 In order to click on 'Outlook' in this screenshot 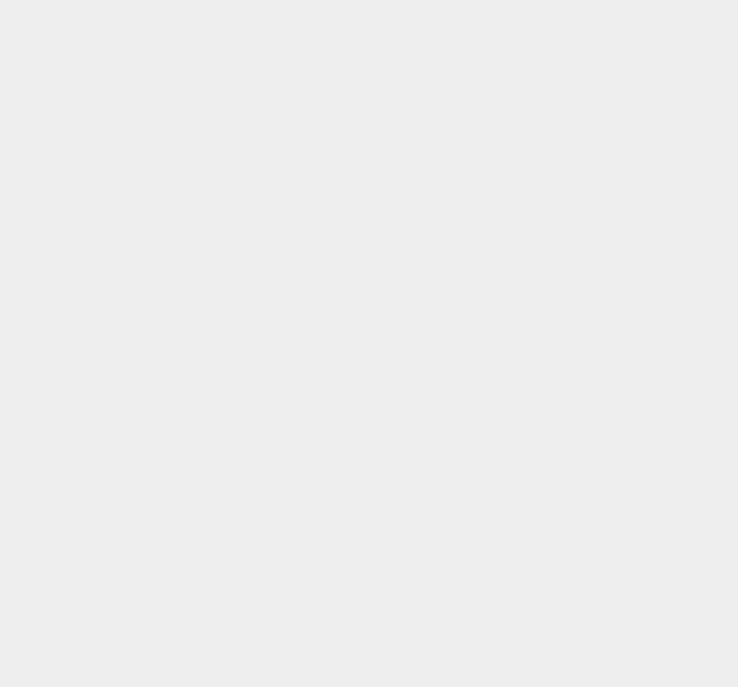, I will do `click(536, 559)`.